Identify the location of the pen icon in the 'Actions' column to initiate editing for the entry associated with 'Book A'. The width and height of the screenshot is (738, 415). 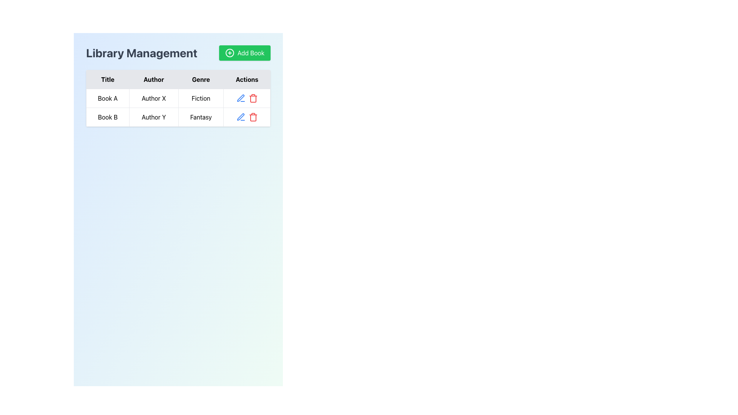
(240, 117).